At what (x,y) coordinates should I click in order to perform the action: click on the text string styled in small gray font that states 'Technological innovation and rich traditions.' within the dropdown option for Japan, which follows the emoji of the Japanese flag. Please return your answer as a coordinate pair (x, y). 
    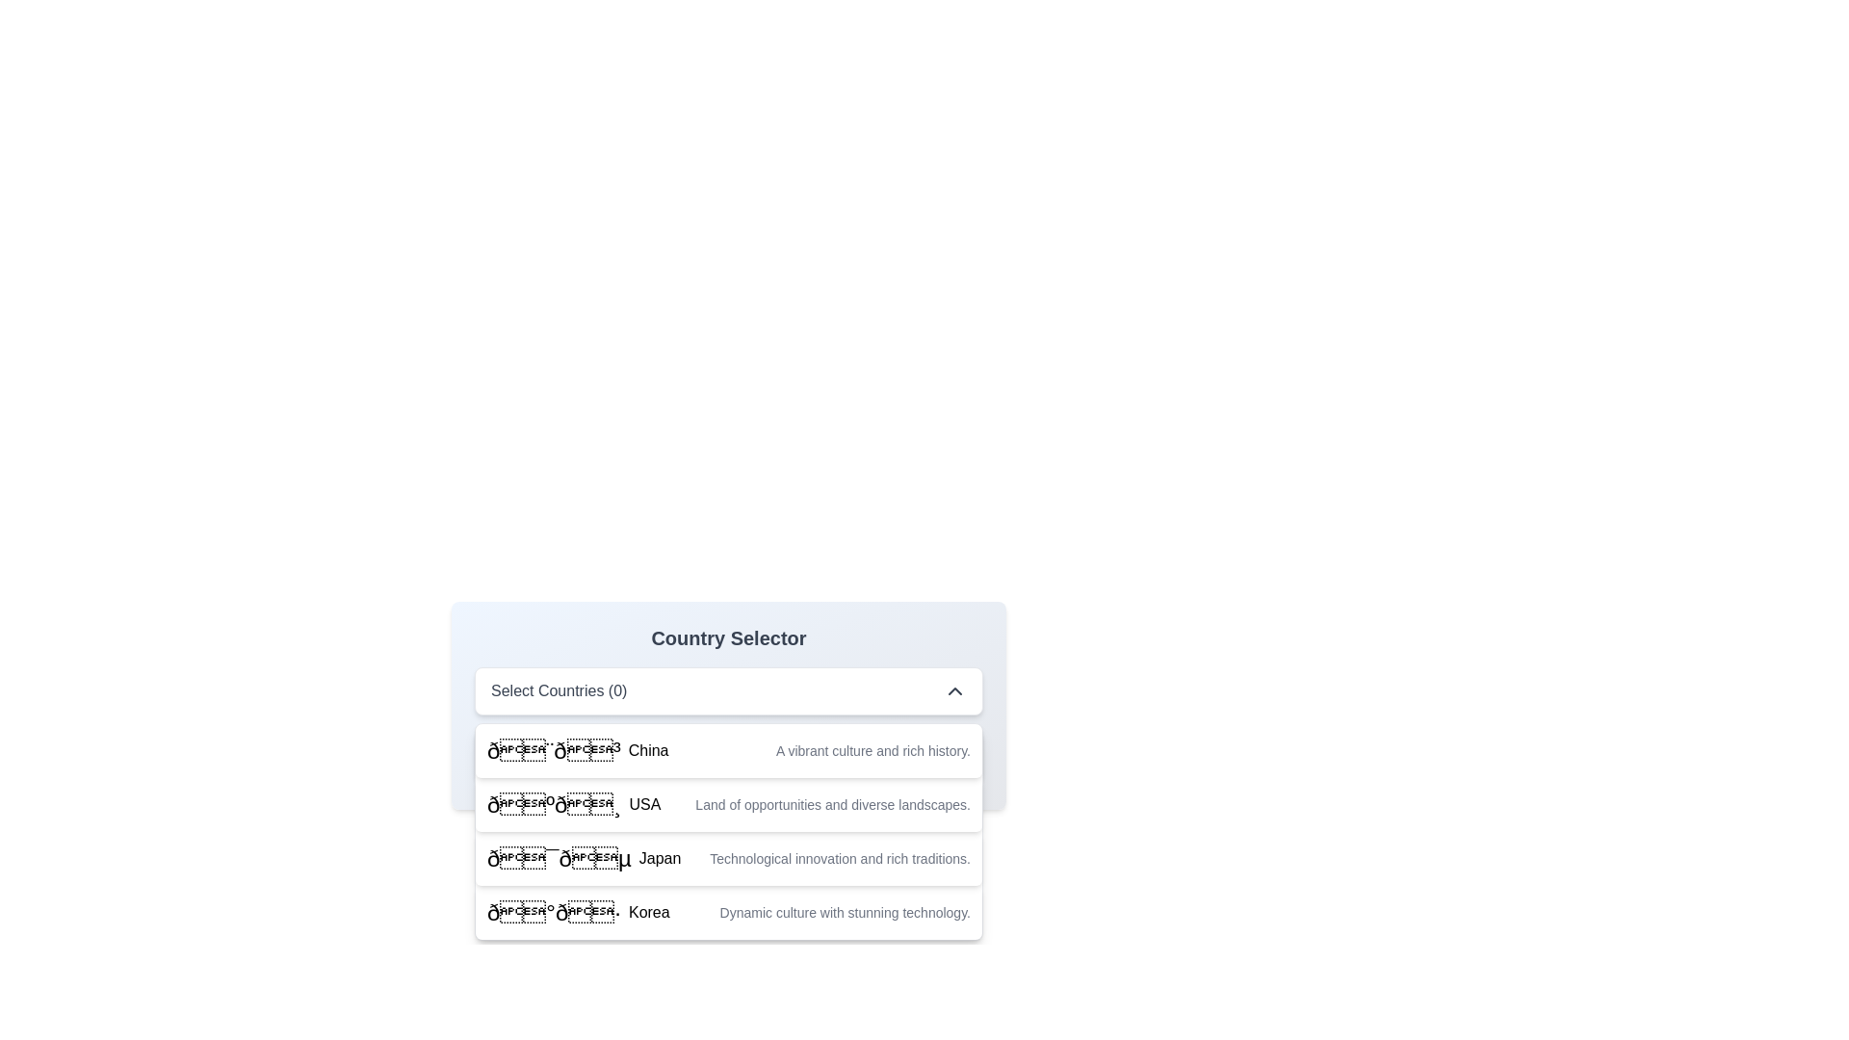
    Looking at the image, I should click on (840, 857).